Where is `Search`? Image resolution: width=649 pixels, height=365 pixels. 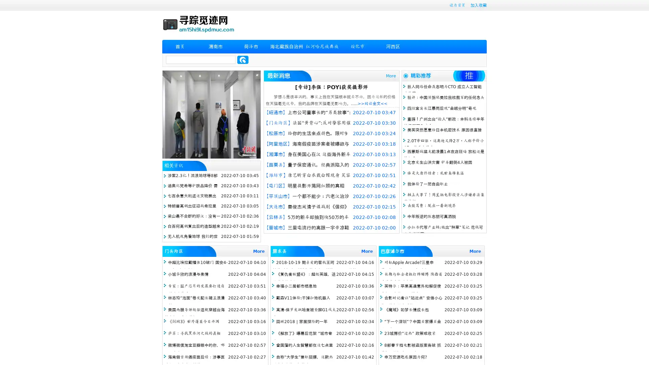 Search is located at coordinates (243, 59).